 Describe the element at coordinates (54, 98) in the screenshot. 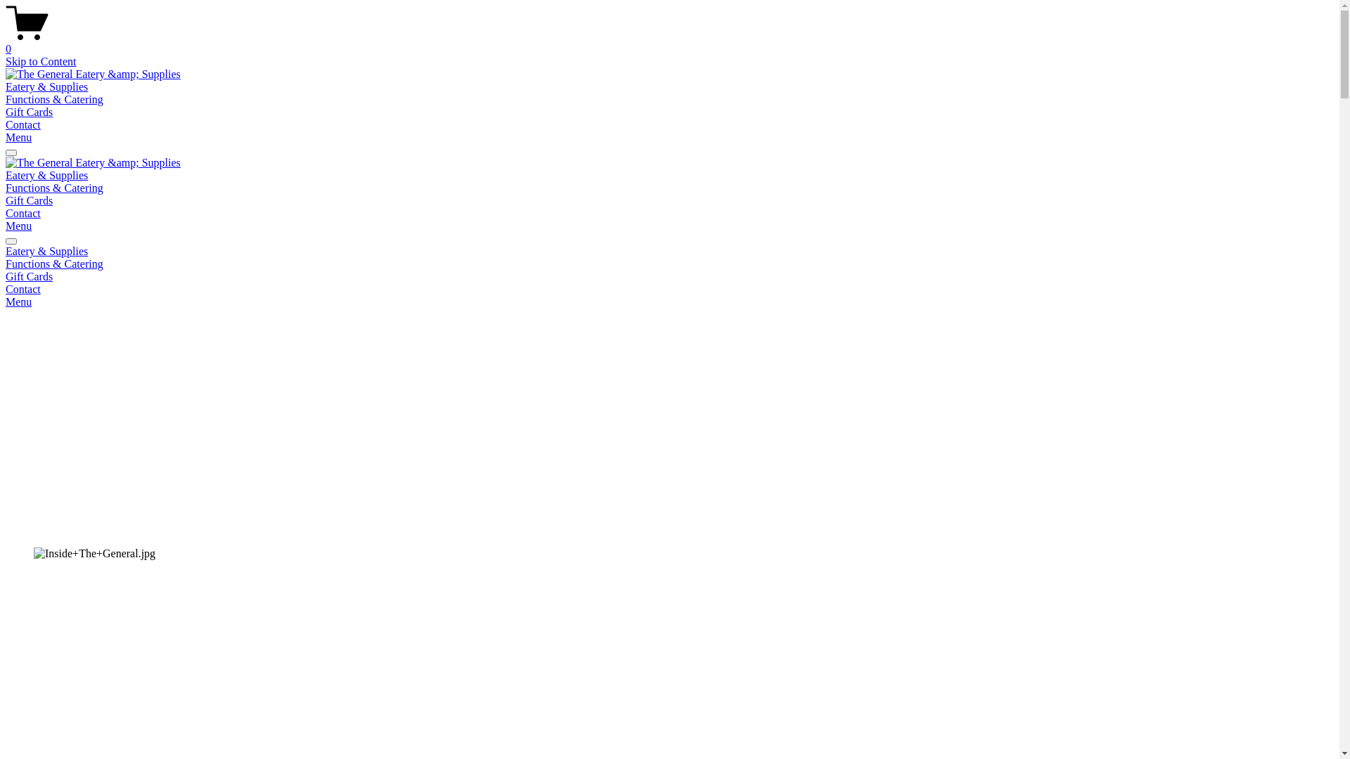

I see `'Functions & Catering'` at that location.